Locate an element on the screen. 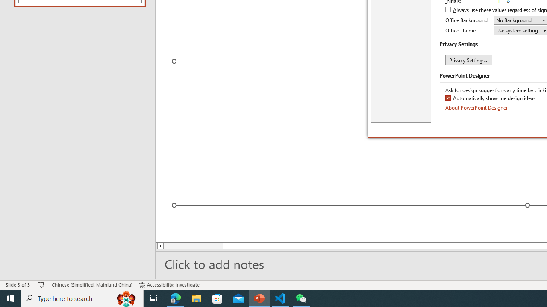 This screenshot has height=307, width=547. 'Privacy Settings...' is located at coordinates (468, 59).